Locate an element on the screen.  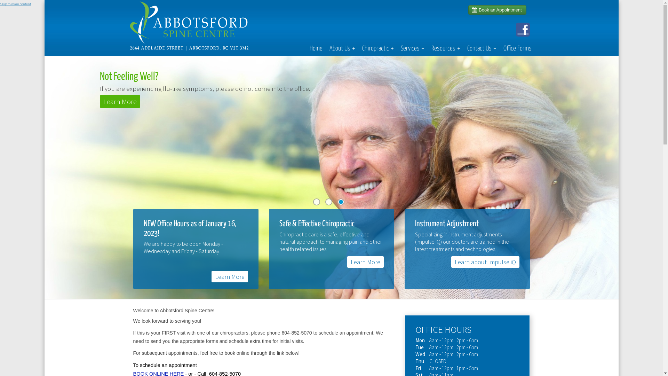
'Learn about Impulse iQ' is located at coordinates (484, 262).